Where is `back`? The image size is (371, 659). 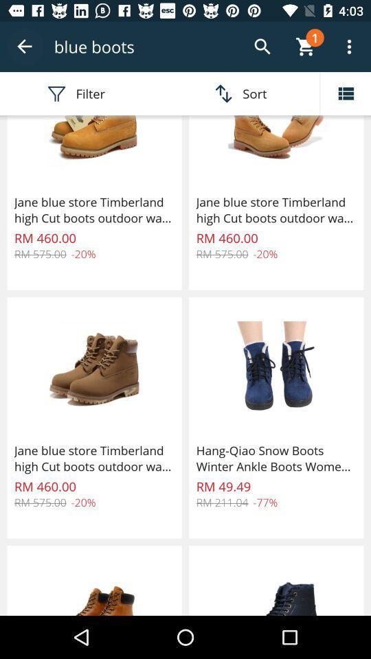 back is located at coordinates (25, 47).